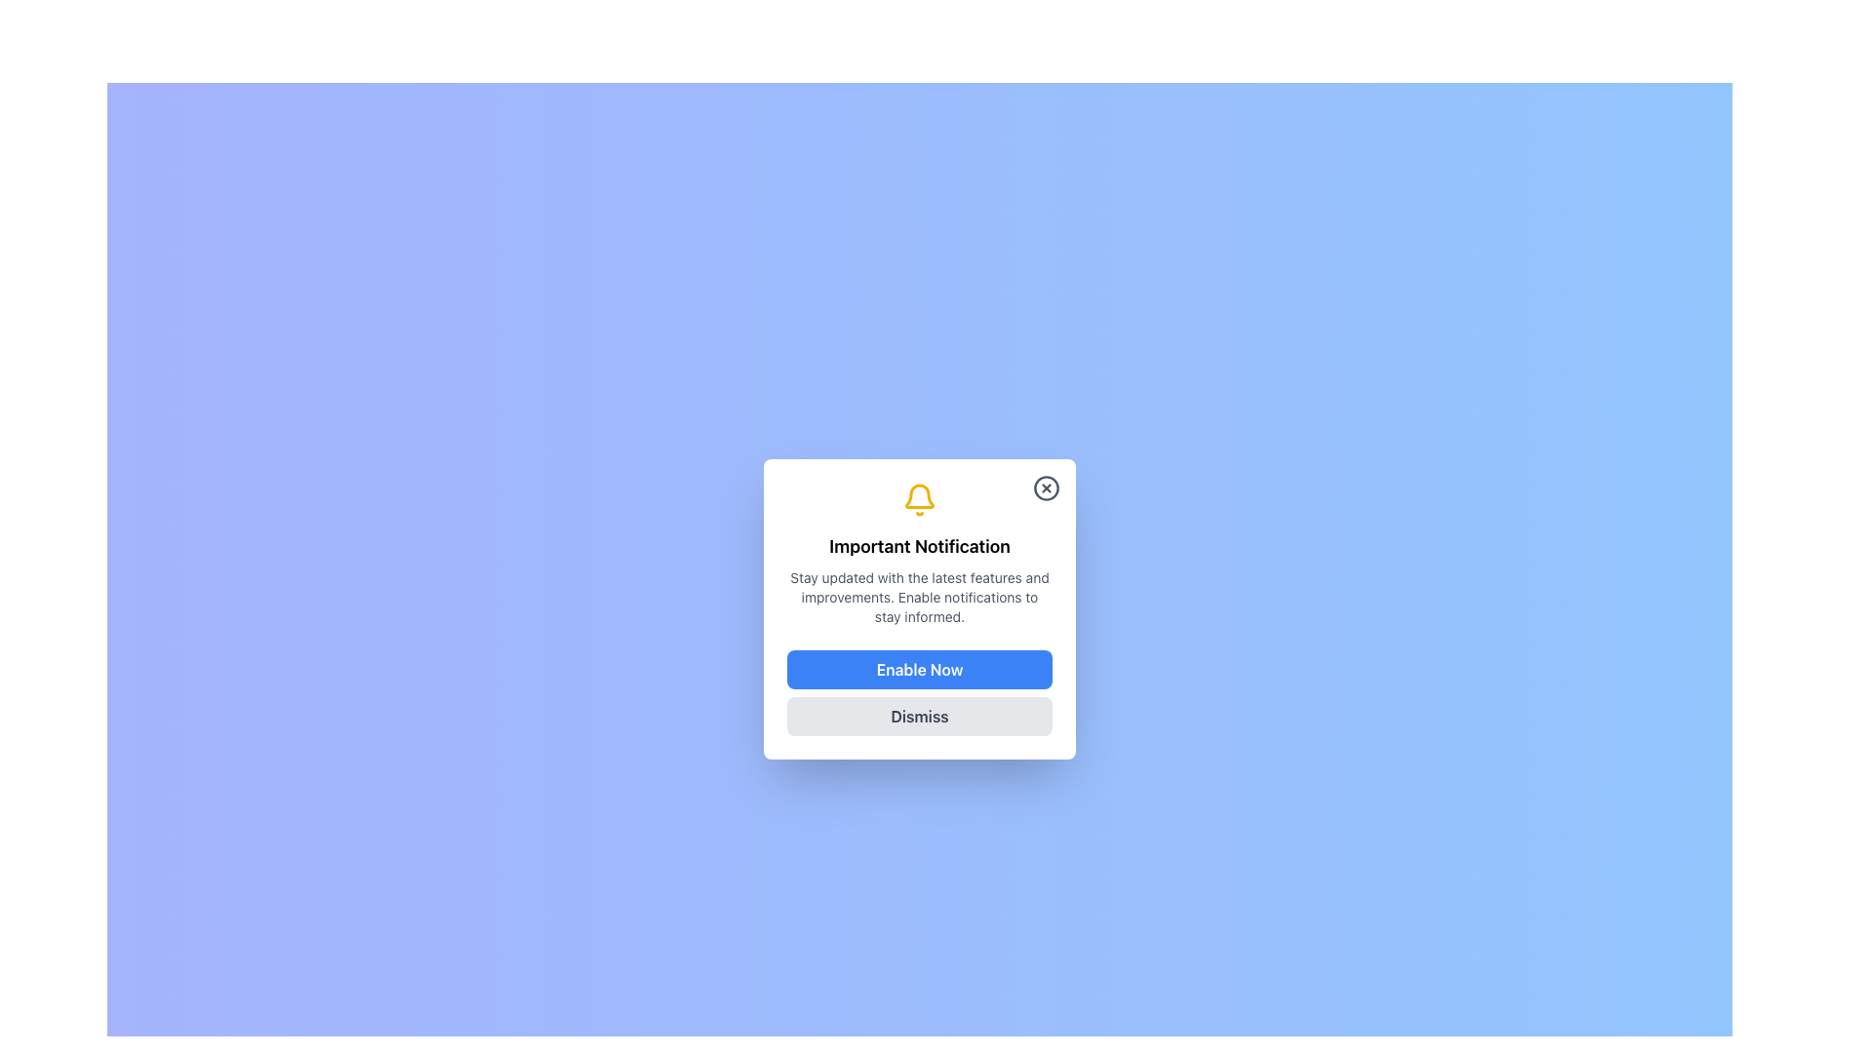  What do you see at coordinates (918, 717) in the screenshot?
I see `the 'Dismiss' button, which is a medium-sized, rounded rectangular button with a gray background, located at the bottom of a modal dialog box` at bounding box center [918, 717].